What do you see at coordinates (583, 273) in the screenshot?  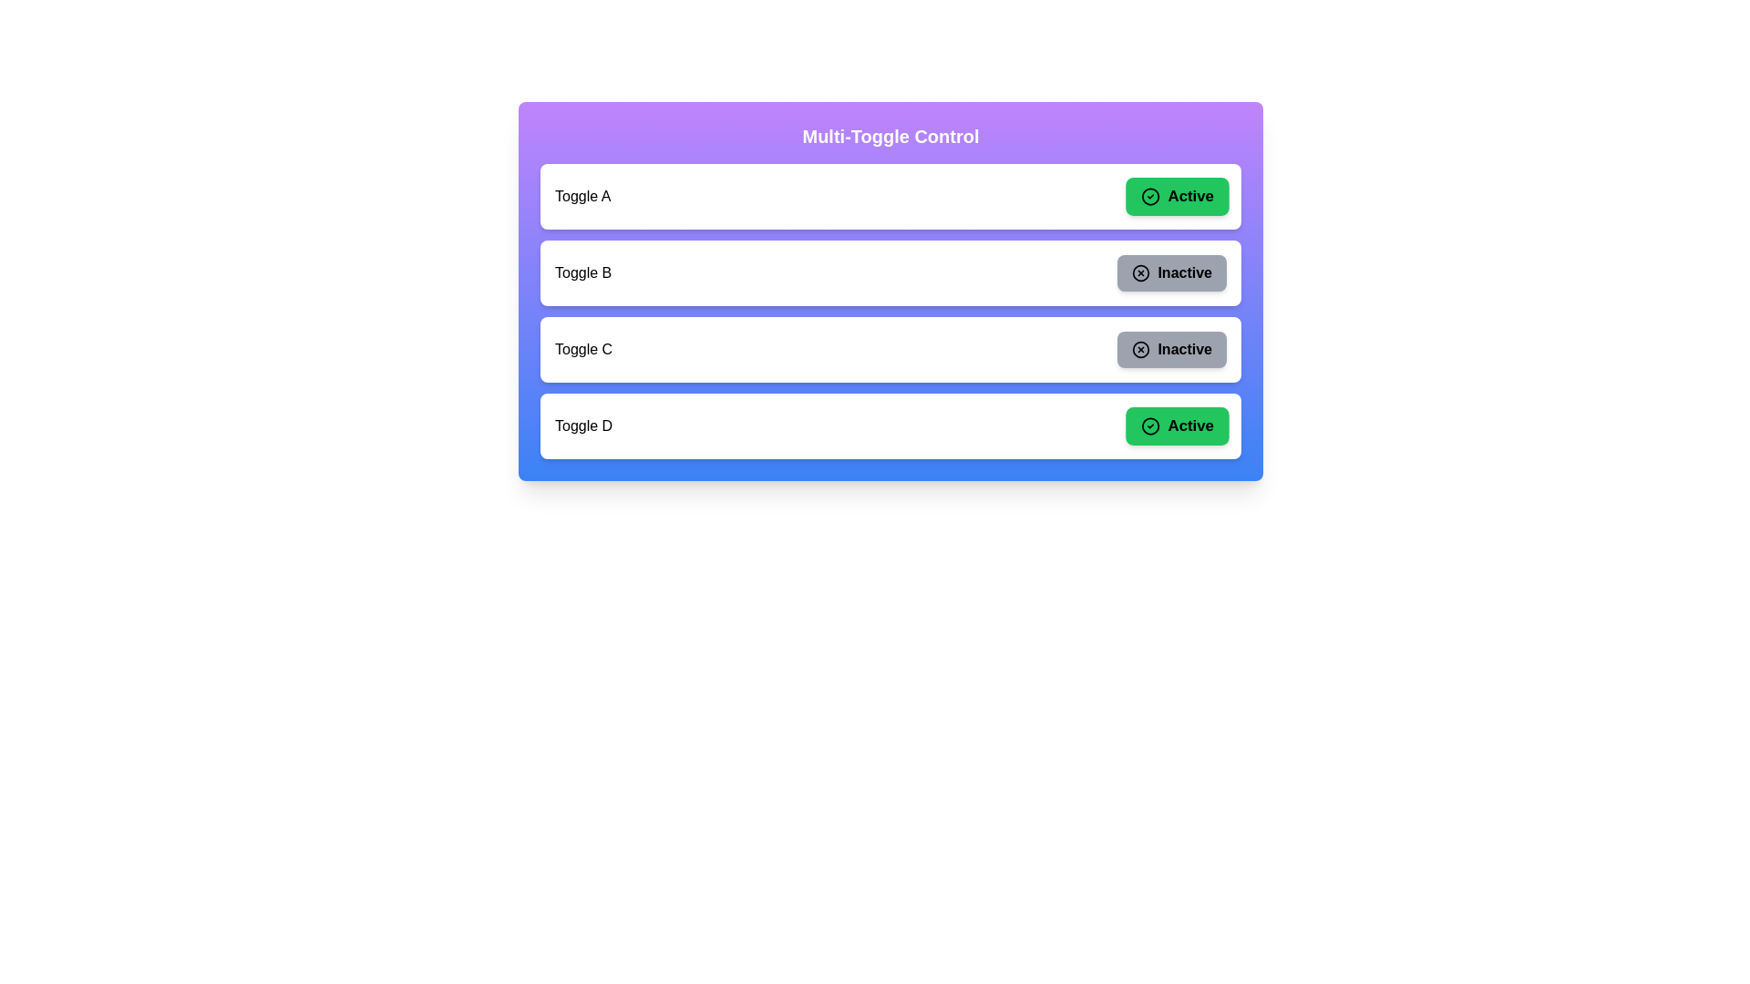 I see `the static text label displaying 'Toggle B', which is part of a control card with a white background and rounded corners, located in the second card from the top of the toggle controls list` at bounding box center [583, 273].